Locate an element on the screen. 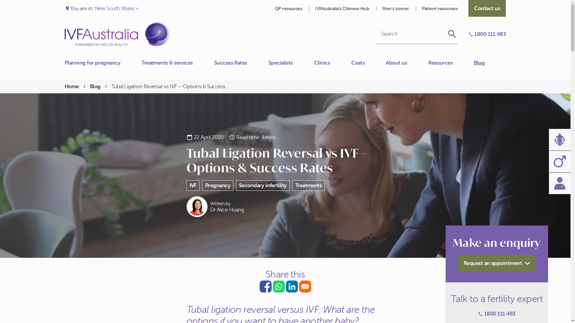  'Treatments & services' is located at coordinates (177, 63).